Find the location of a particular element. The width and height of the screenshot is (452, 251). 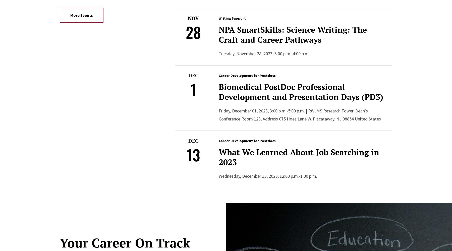

'13' is located at coordinates (193, 154).